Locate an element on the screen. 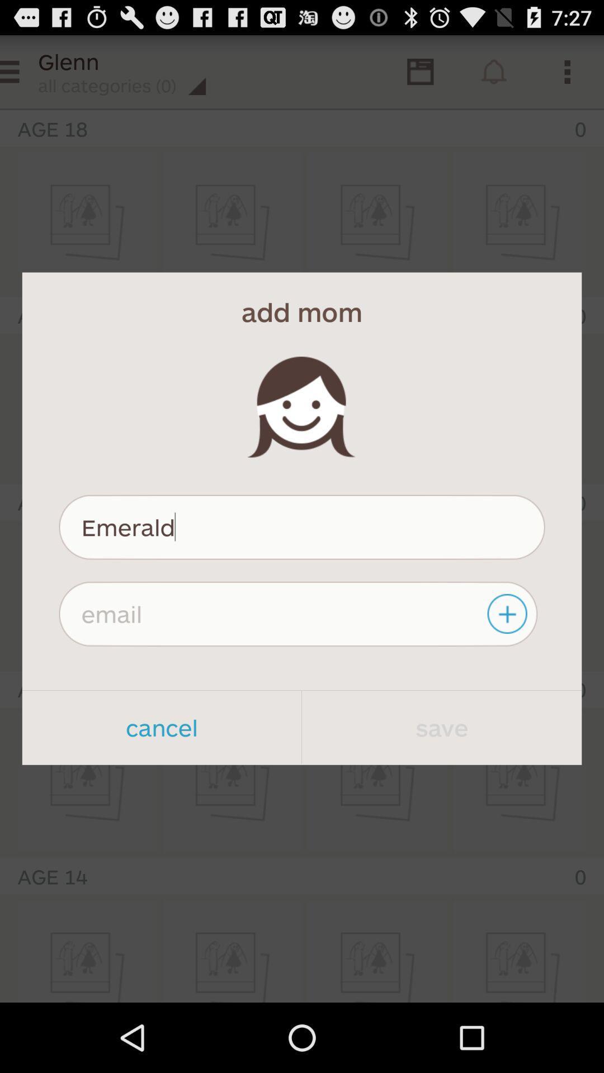 Image resolution: width=604 pixels, height=1073 pixels. app at the bottom left corner is located at coordinates (162, 727).